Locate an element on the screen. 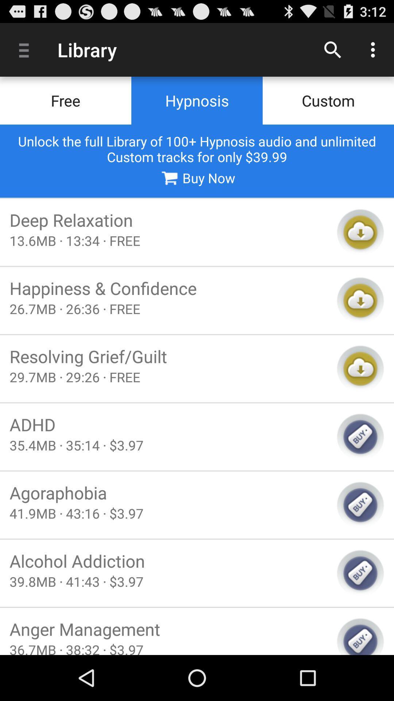 Image resolution: width=394 pixels, height=701 pixels. the alcohol addiction is located at coordinates (168, 560).